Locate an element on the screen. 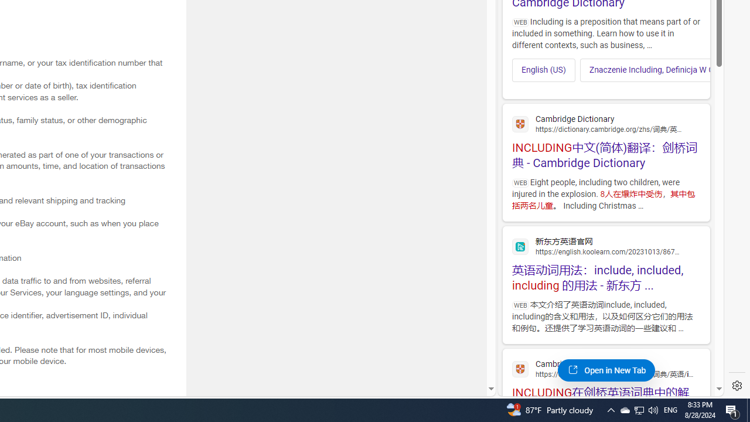  'English (US)' is located at coordinates (543, 70).